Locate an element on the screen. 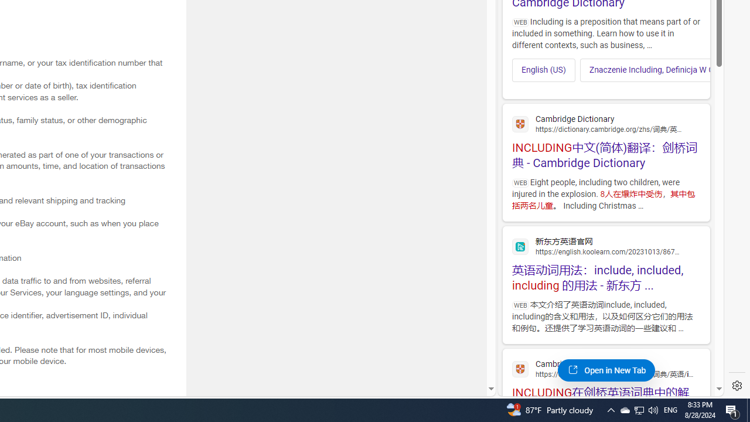  'English (US)' is located at coordinates (543, 70).